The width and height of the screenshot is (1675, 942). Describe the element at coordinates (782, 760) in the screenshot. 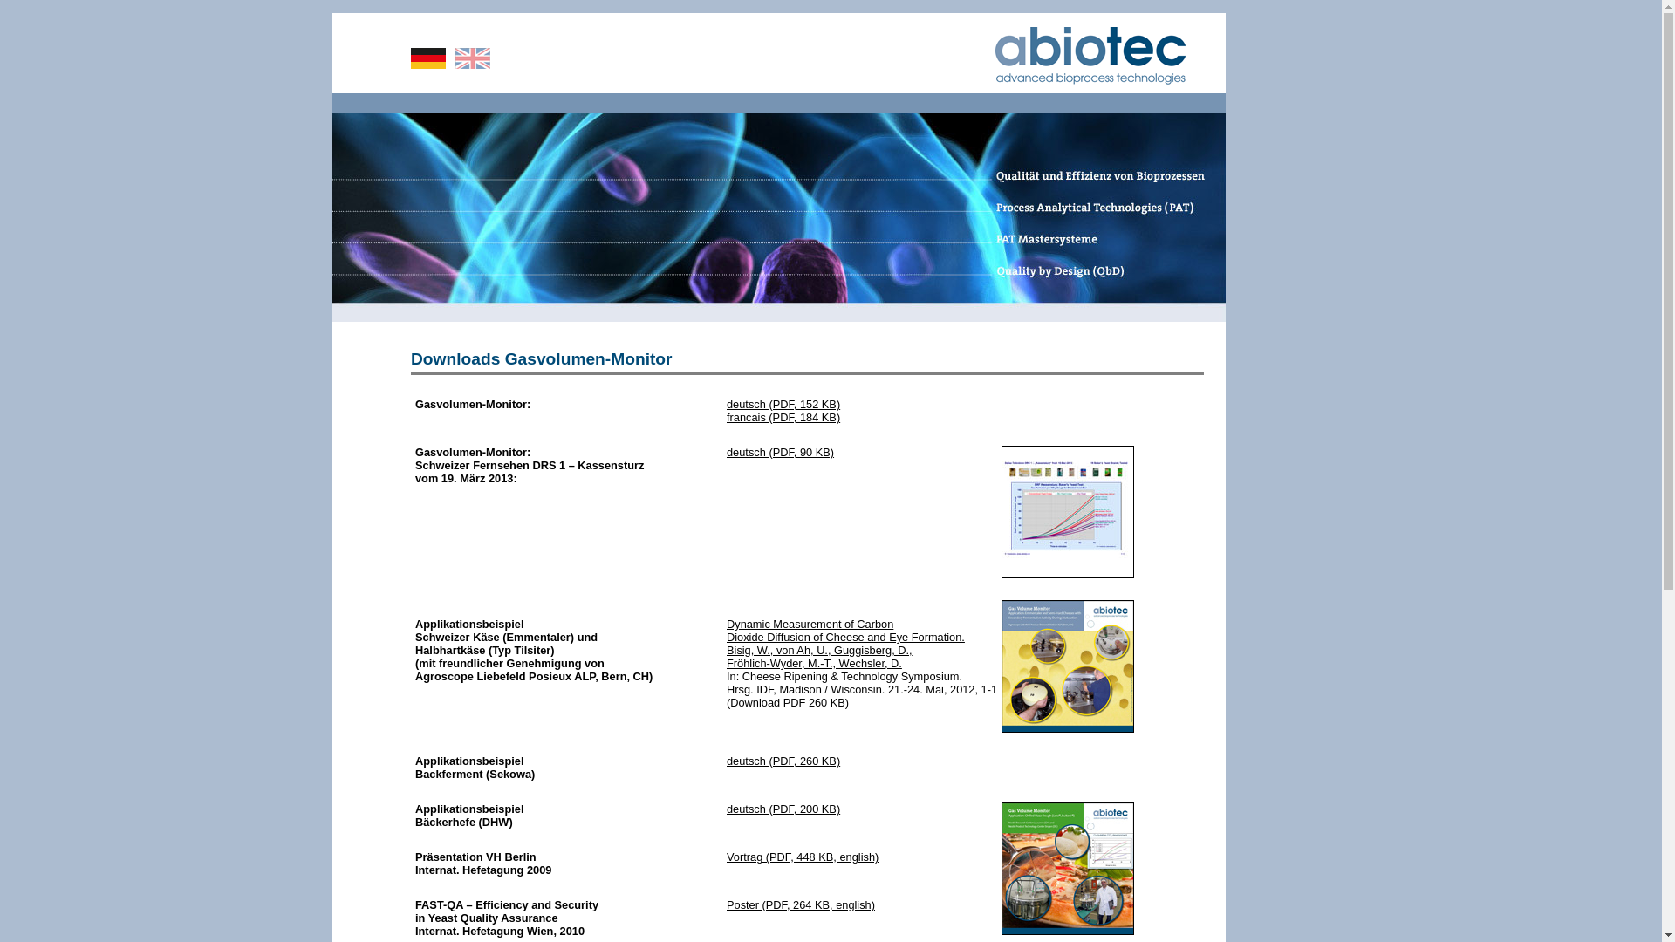

I see `'deutsch (PDF, 260 KB)'` at that location.